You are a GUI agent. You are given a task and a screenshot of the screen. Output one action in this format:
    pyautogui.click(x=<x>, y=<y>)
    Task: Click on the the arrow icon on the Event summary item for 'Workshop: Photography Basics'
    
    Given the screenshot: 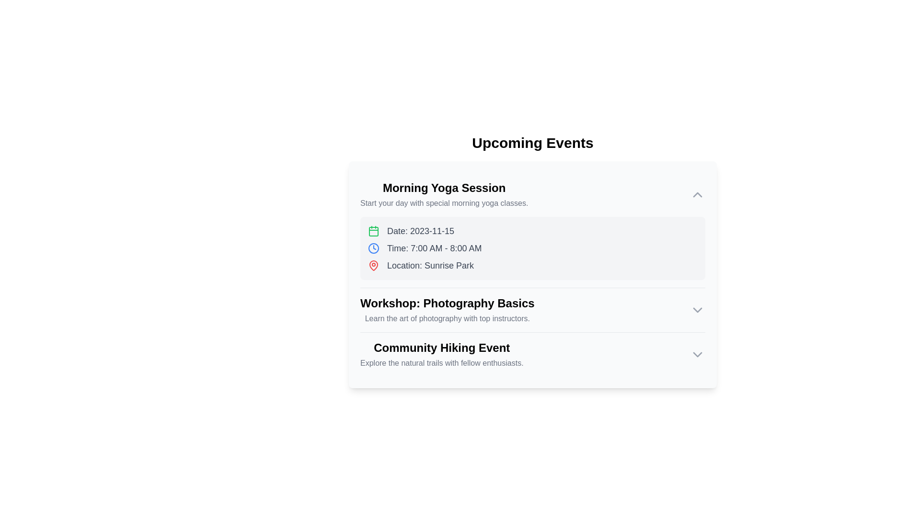 What is the action you would take?
    pyautogui.click(x=532, y=310)
    